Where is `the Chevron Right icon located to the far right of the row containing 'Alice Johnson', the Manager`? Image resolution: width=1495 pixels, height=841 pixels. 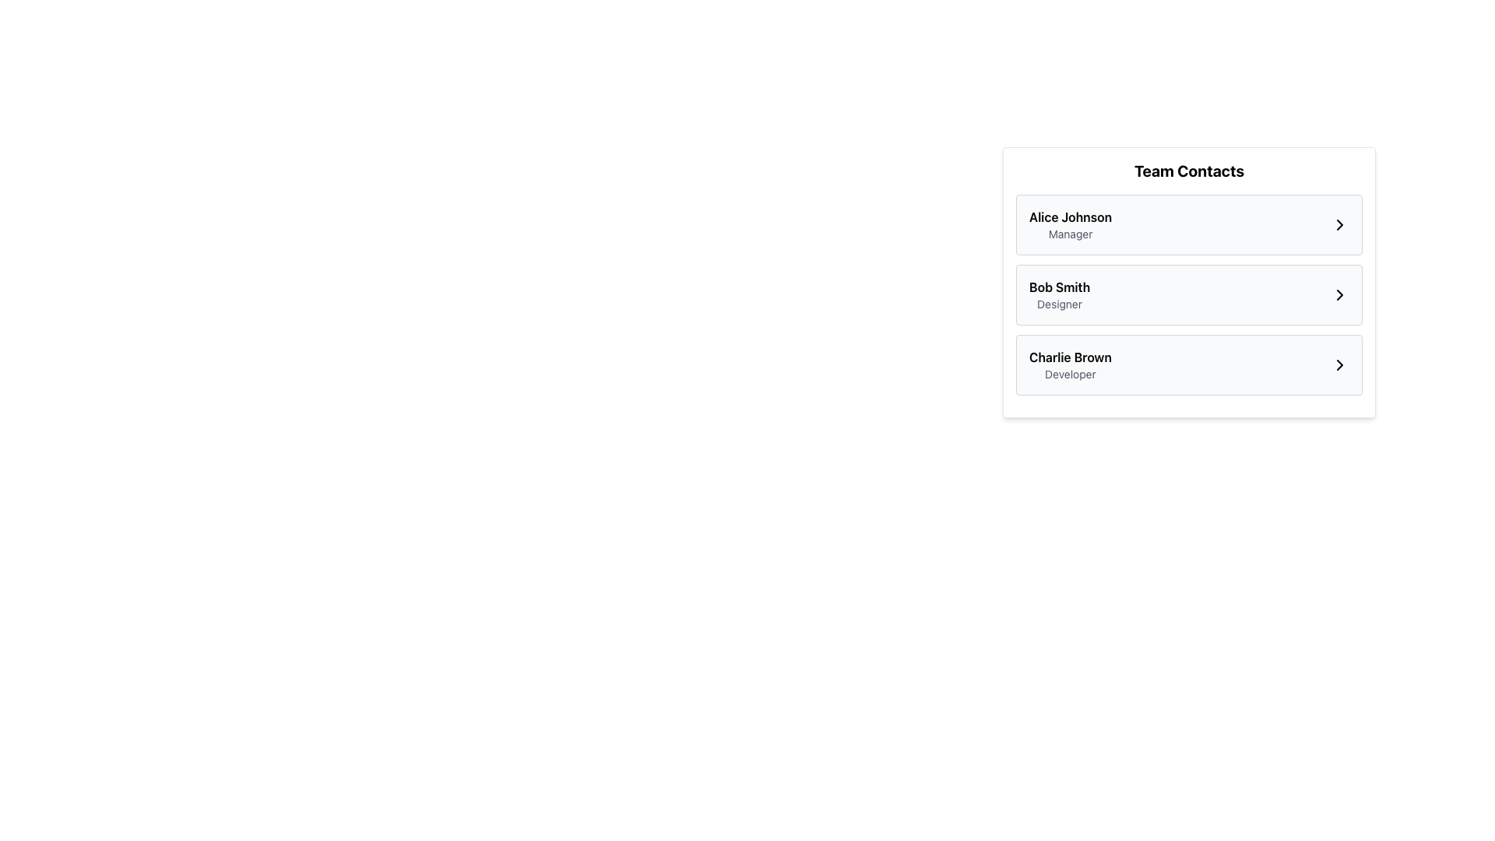 the Chevron Right icon located to the far right of the row containing 'Alice Johnson', the Manager is located at coordinates (1339, 225).